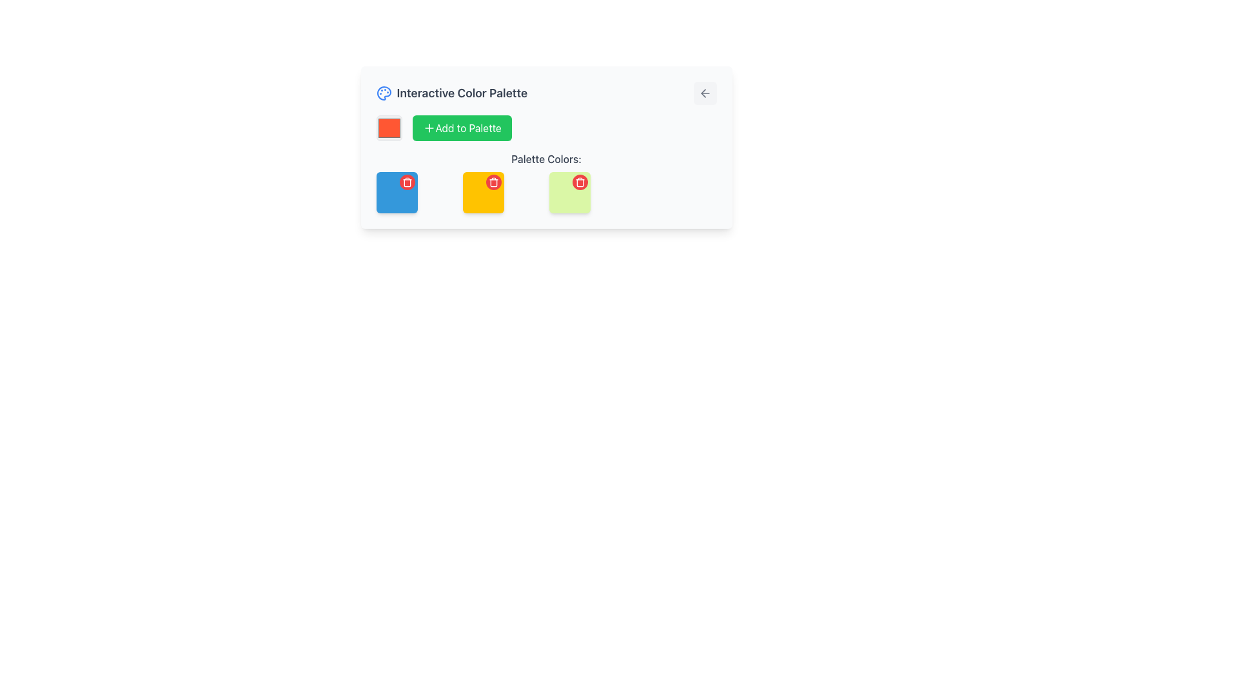  What do you see at coordinates (482, 193) in the screenshot?
I see `the red circular delete button with a trash icon in the second slot of the interactive color palette` at bounding box center [482, 193].